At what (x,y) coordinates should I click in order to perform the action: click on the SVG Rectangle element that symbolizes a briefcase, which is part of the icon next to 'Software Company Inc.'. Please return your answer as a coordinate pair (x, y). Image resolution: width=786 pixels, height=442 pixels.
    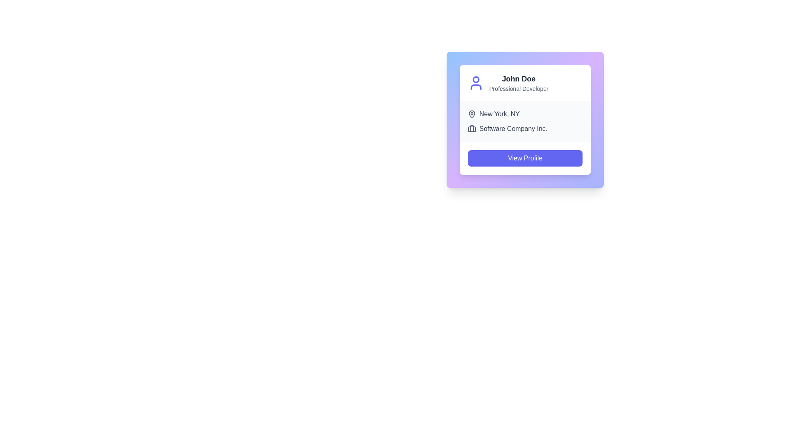
    Looking at the image, I should click on (472, 129).